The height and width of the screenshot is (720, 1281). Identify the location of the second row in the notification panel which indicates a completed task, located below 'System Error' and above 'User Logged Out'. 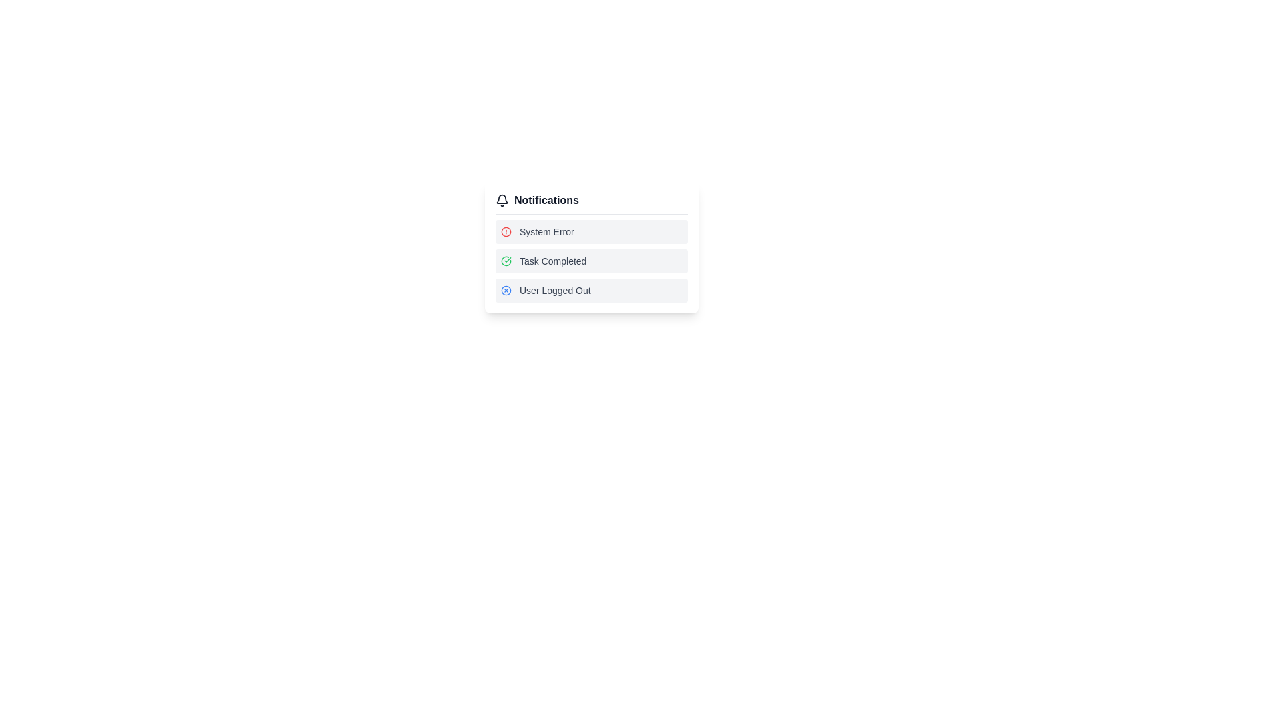
(591, 247).